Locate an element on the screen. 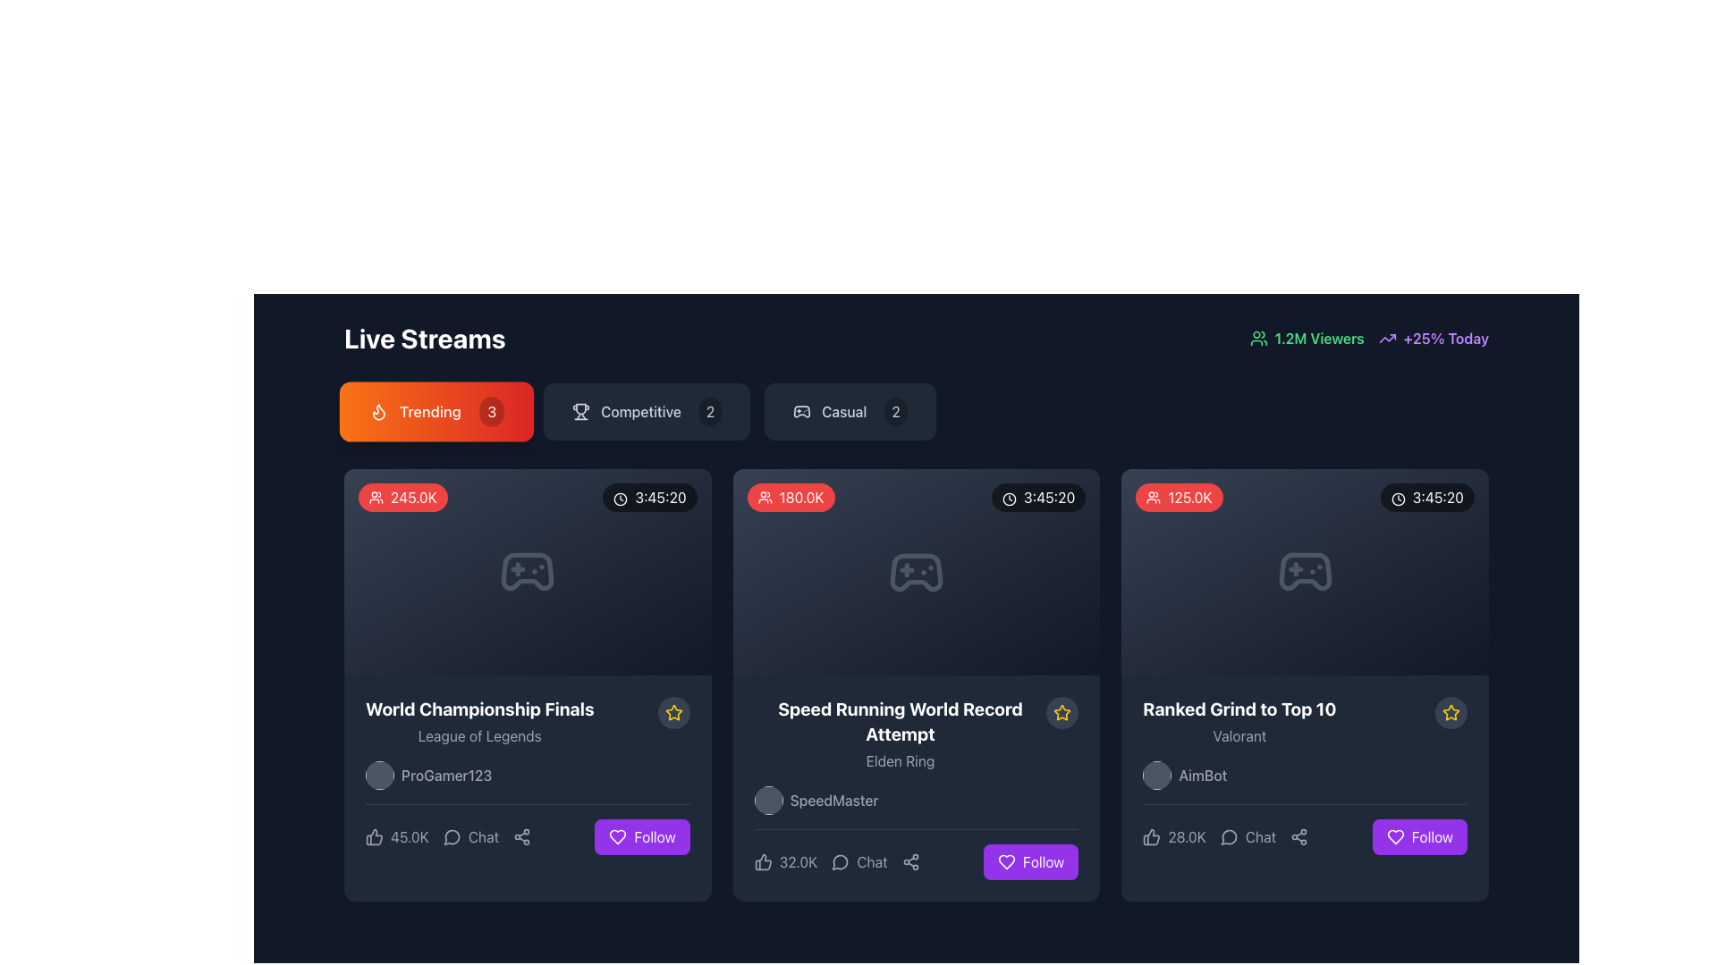 This screenshot has width=1717, height=965. the circular avatar of the 'SpeedMaster' label is located at coordinates (816, 799).